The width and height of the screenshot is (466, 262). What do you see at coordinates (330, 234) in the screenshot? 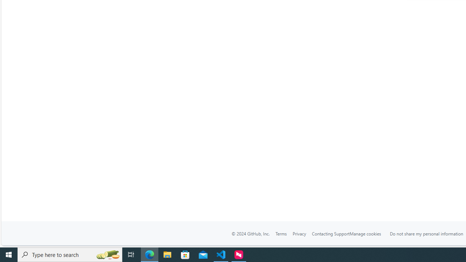
I see `'Contacting Support'` at bounding box center [330, 234].